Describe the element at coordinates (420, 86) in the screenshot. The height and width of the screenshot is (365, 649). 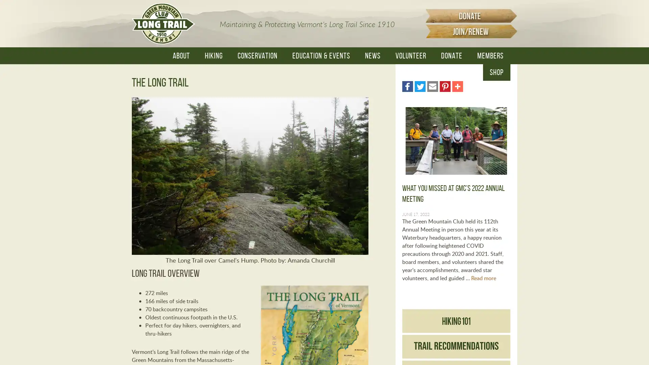
I see `Share to Twitter` at that location.